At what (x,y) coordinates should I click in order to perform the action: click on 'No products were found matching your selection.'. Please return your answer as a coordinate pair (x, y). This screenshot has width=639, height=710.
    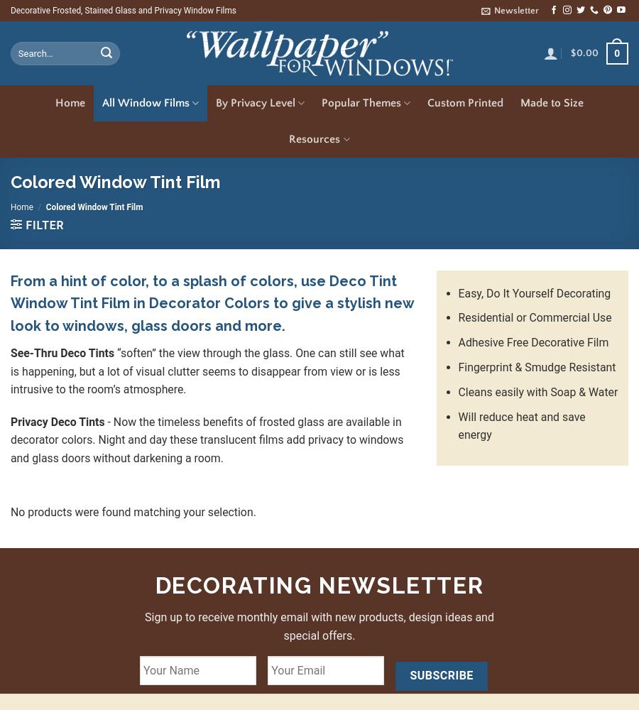
    Looking at the image, I should click on (10, 510).